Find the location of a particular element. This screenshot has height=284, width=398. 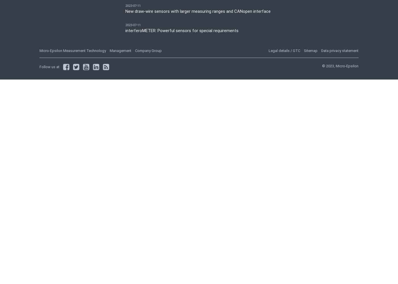

'New draw-wire sensors with larger measuring ranges and CANopen interface' is located at coordinates (198, 11).